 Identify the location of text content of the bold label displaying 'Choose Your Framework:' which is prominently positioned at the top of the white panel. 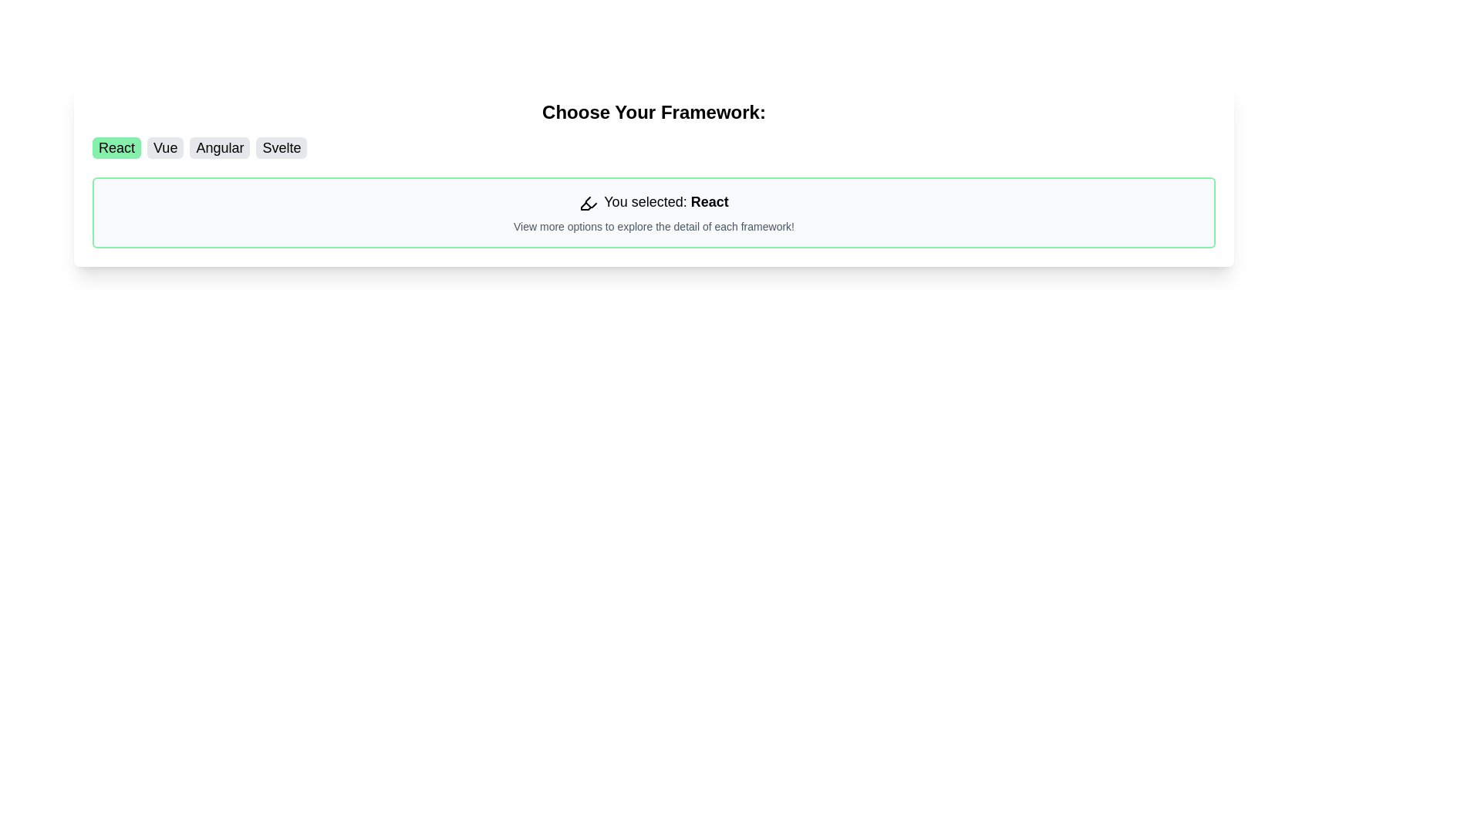
(654, 112).